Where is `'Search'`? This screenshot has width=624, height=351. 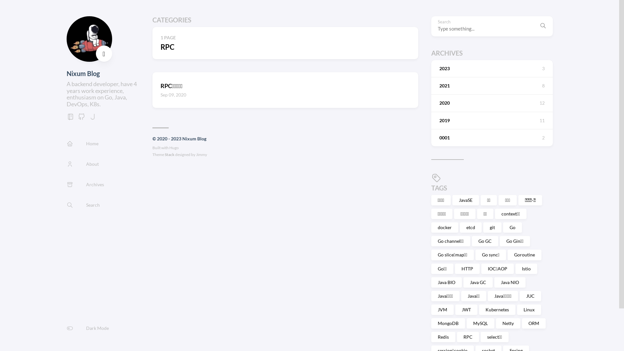 'Search' is located at coordinates (82, 205).